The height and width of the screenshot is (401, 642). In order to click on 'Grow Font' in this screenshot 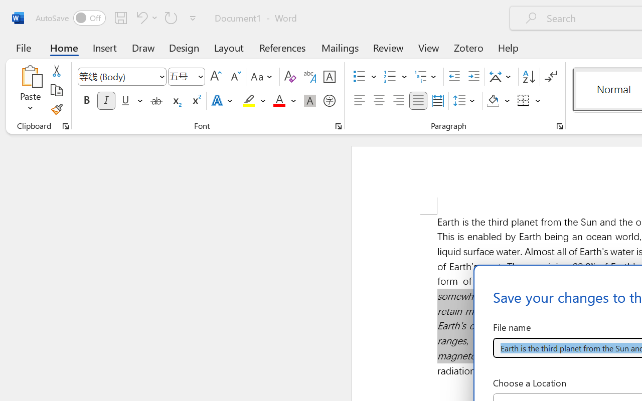, I will do `click(215, 77)`.